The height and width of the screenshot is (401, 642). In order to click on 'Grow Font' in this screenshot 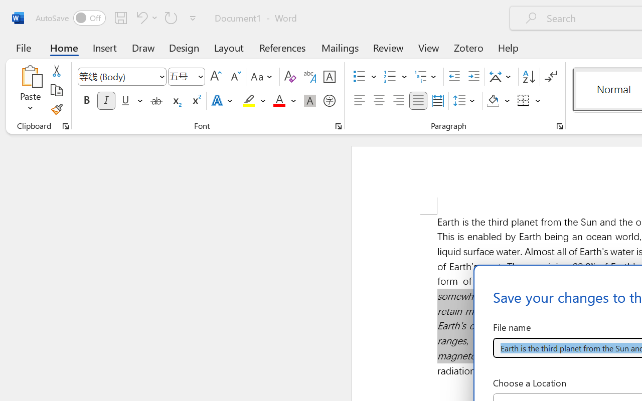, I will do `click(215, 77)`.